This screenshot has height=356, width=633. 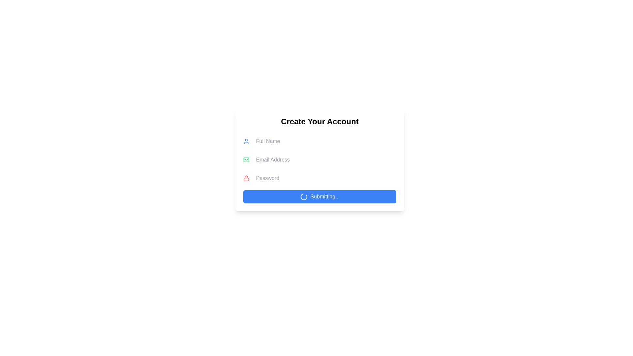 What do you see at coordinates (246, 178) in the screenshot?
I see `the locking mechanism icon located to the left of the 'Password' text input field in the 'Create Your Account' form` at bounding box center [246, 178].